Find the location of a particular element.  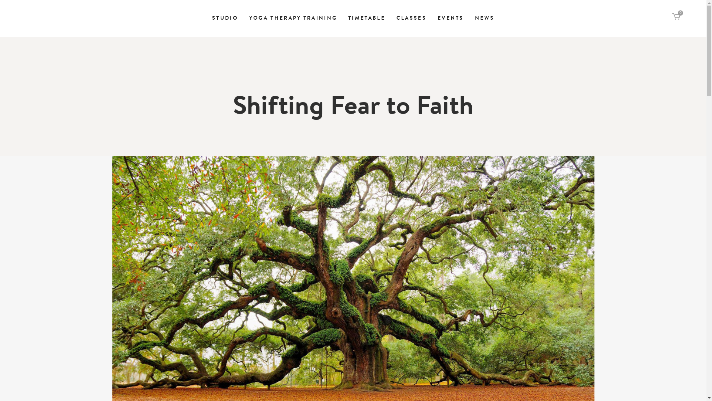

'EVENTS' is located at coordinates (450, 18).